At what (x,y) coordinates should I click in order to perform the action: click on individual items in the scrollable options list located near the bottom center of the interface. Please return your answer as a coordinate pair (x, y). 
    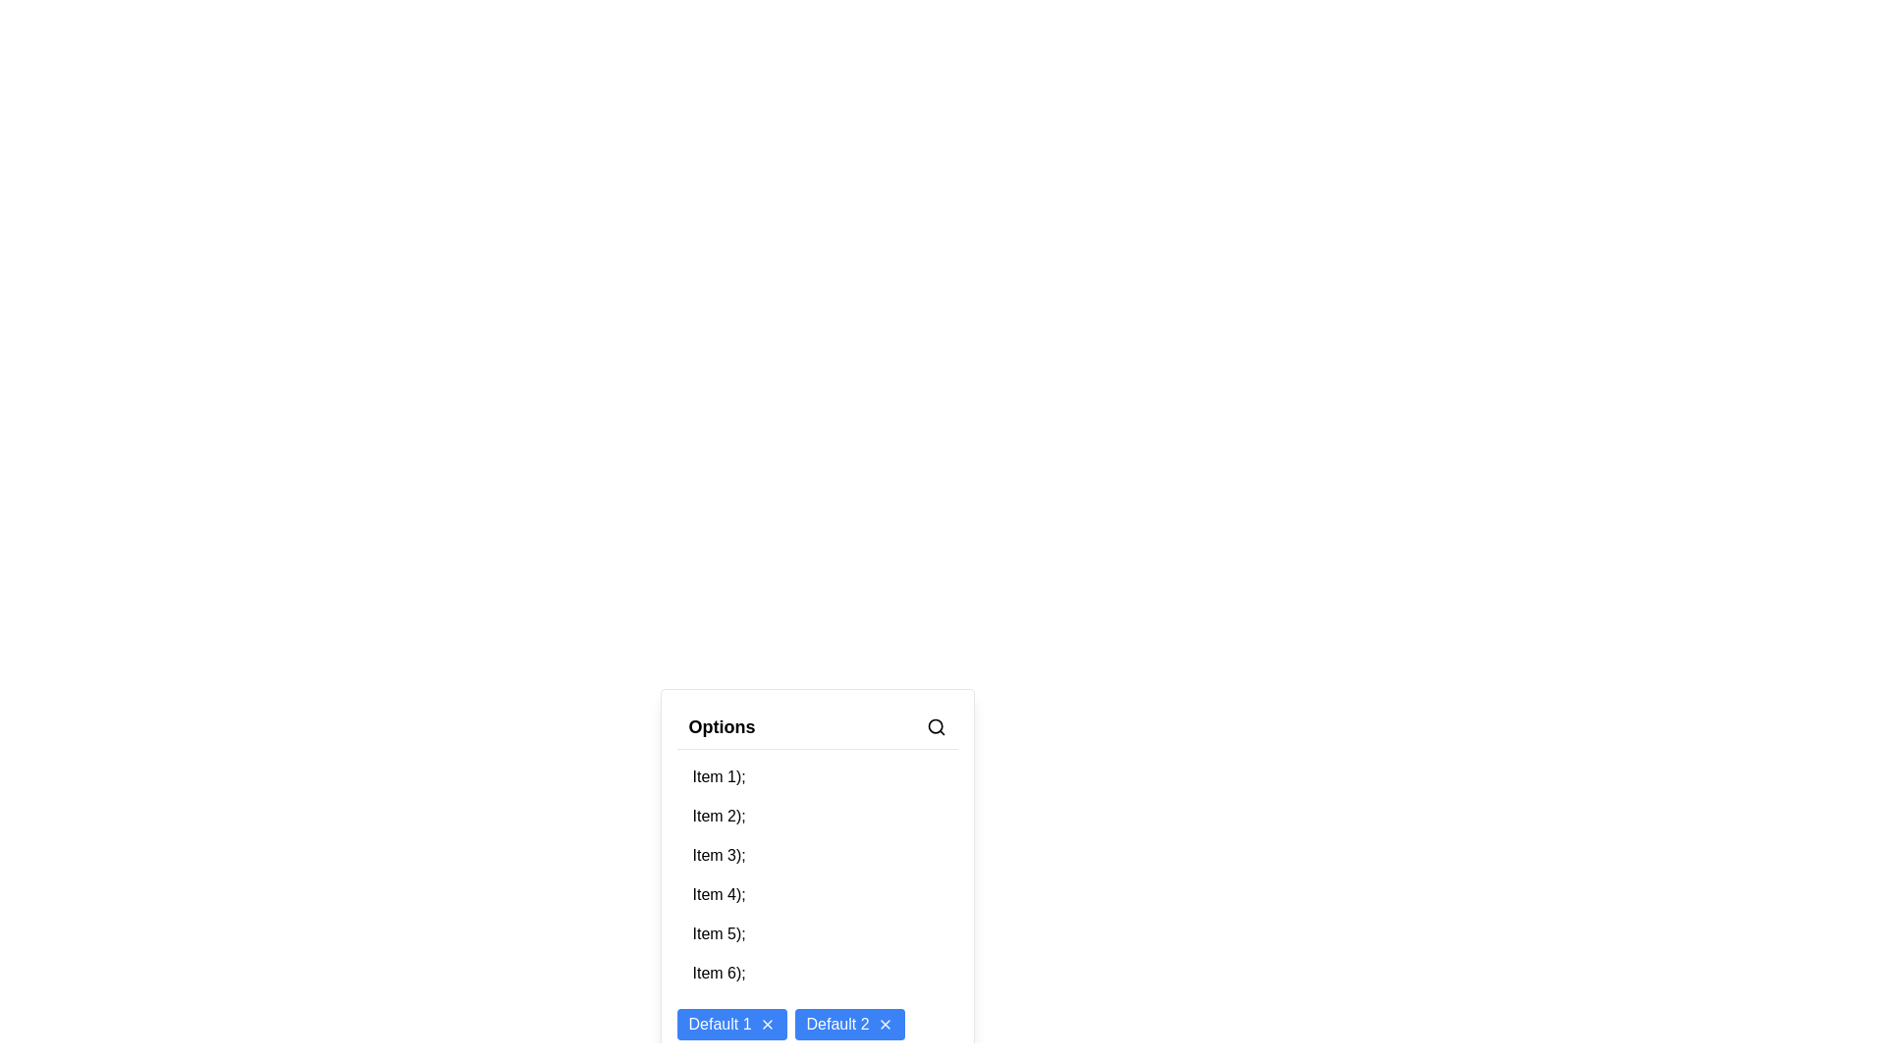
    Looking at the image, I should click on (817, 841).